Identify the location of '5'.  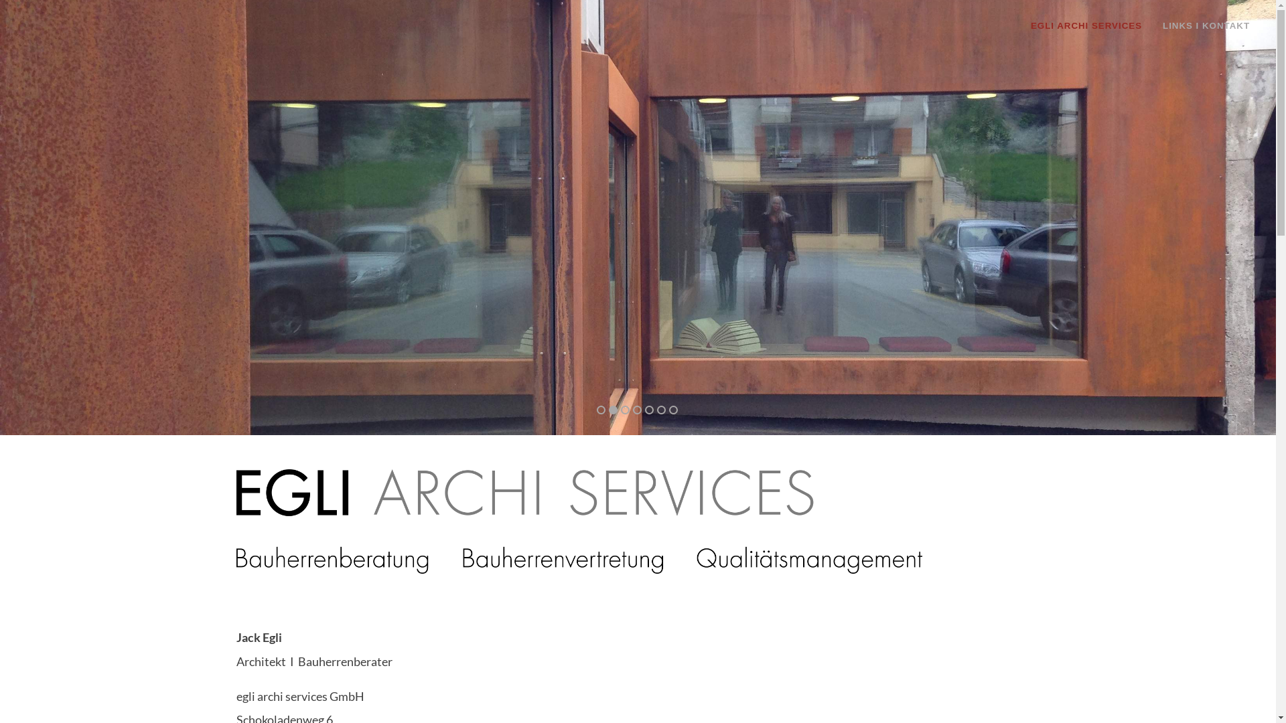
(649, 409).